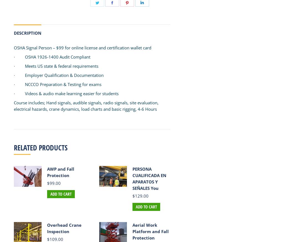 This screenshot has height=242, width=291. What do you see at coordinates (149, 178) in the screenshot?
I see `'PERSONA CUALIFICADA EN APARATOS Y SEÑALES You'` at bounding box center [149, 178].